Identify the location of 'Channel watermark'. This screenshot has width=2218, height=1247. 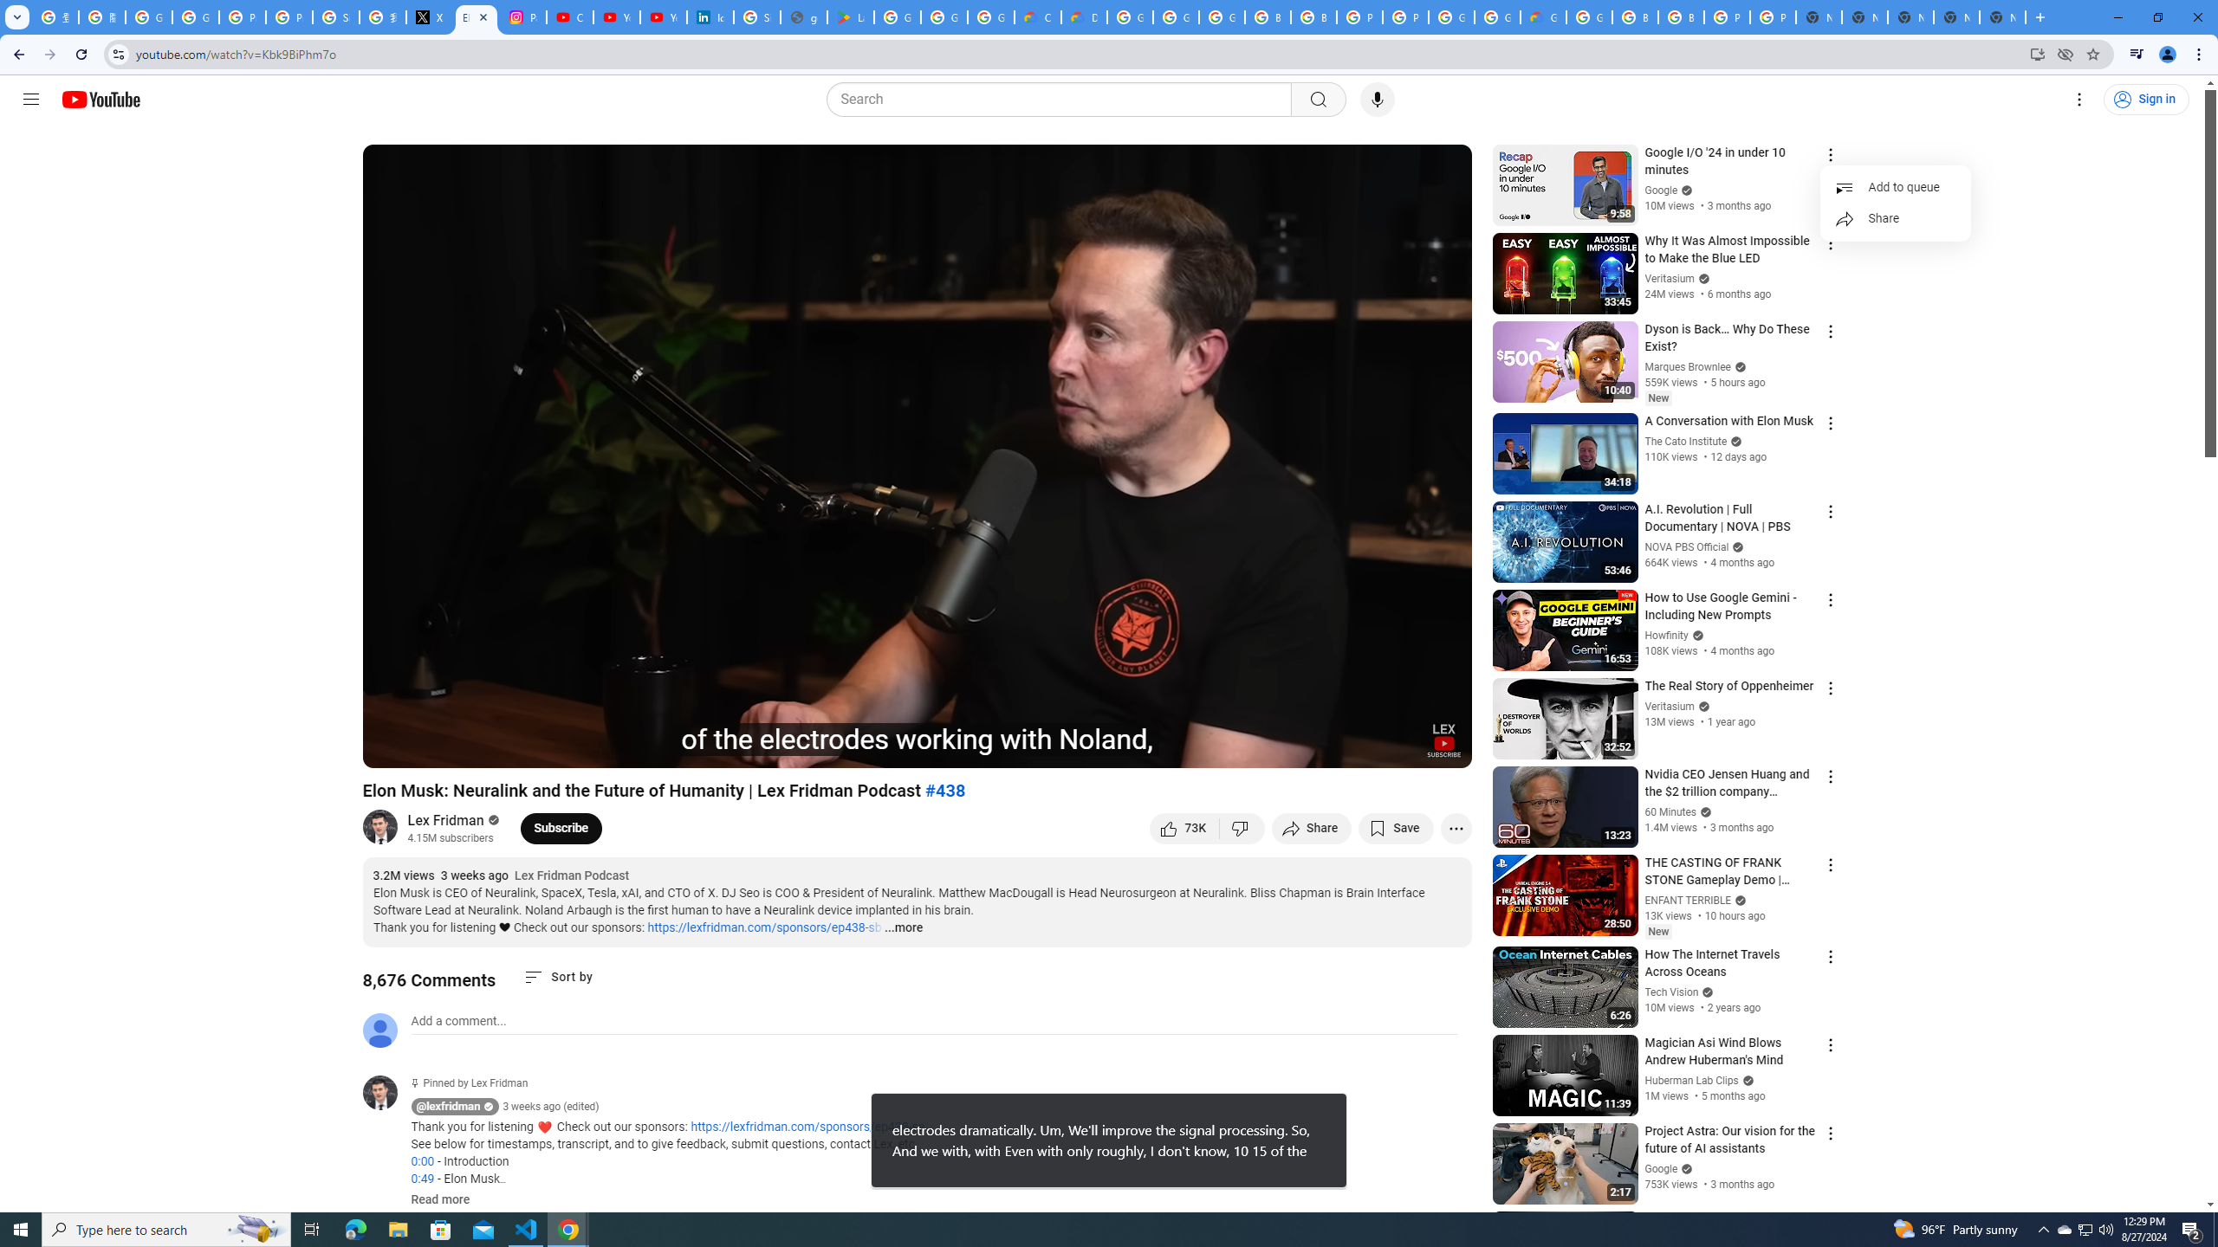
(1443, 740).